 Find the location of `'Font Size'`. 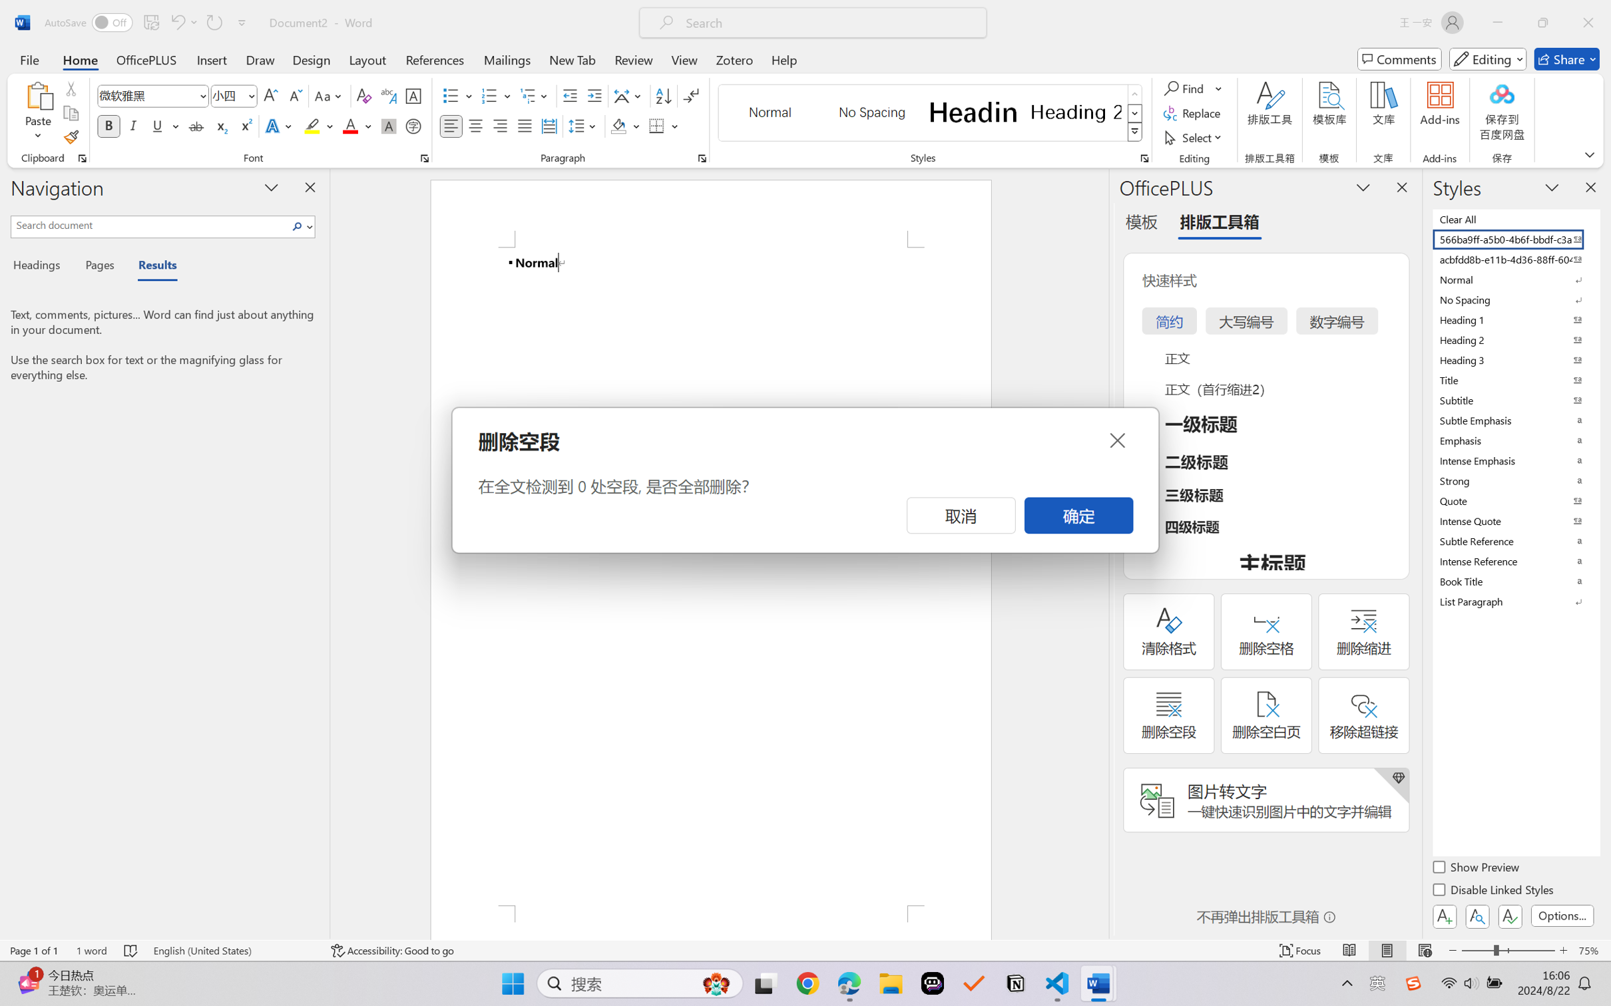

'Font Size' is located at coordinates (227, 96).